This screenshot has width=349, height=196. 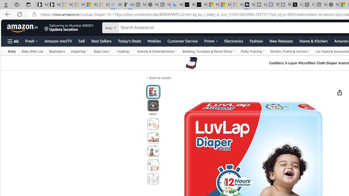 I want to click on 'Baby Wish List', so click(x=32, y=51).